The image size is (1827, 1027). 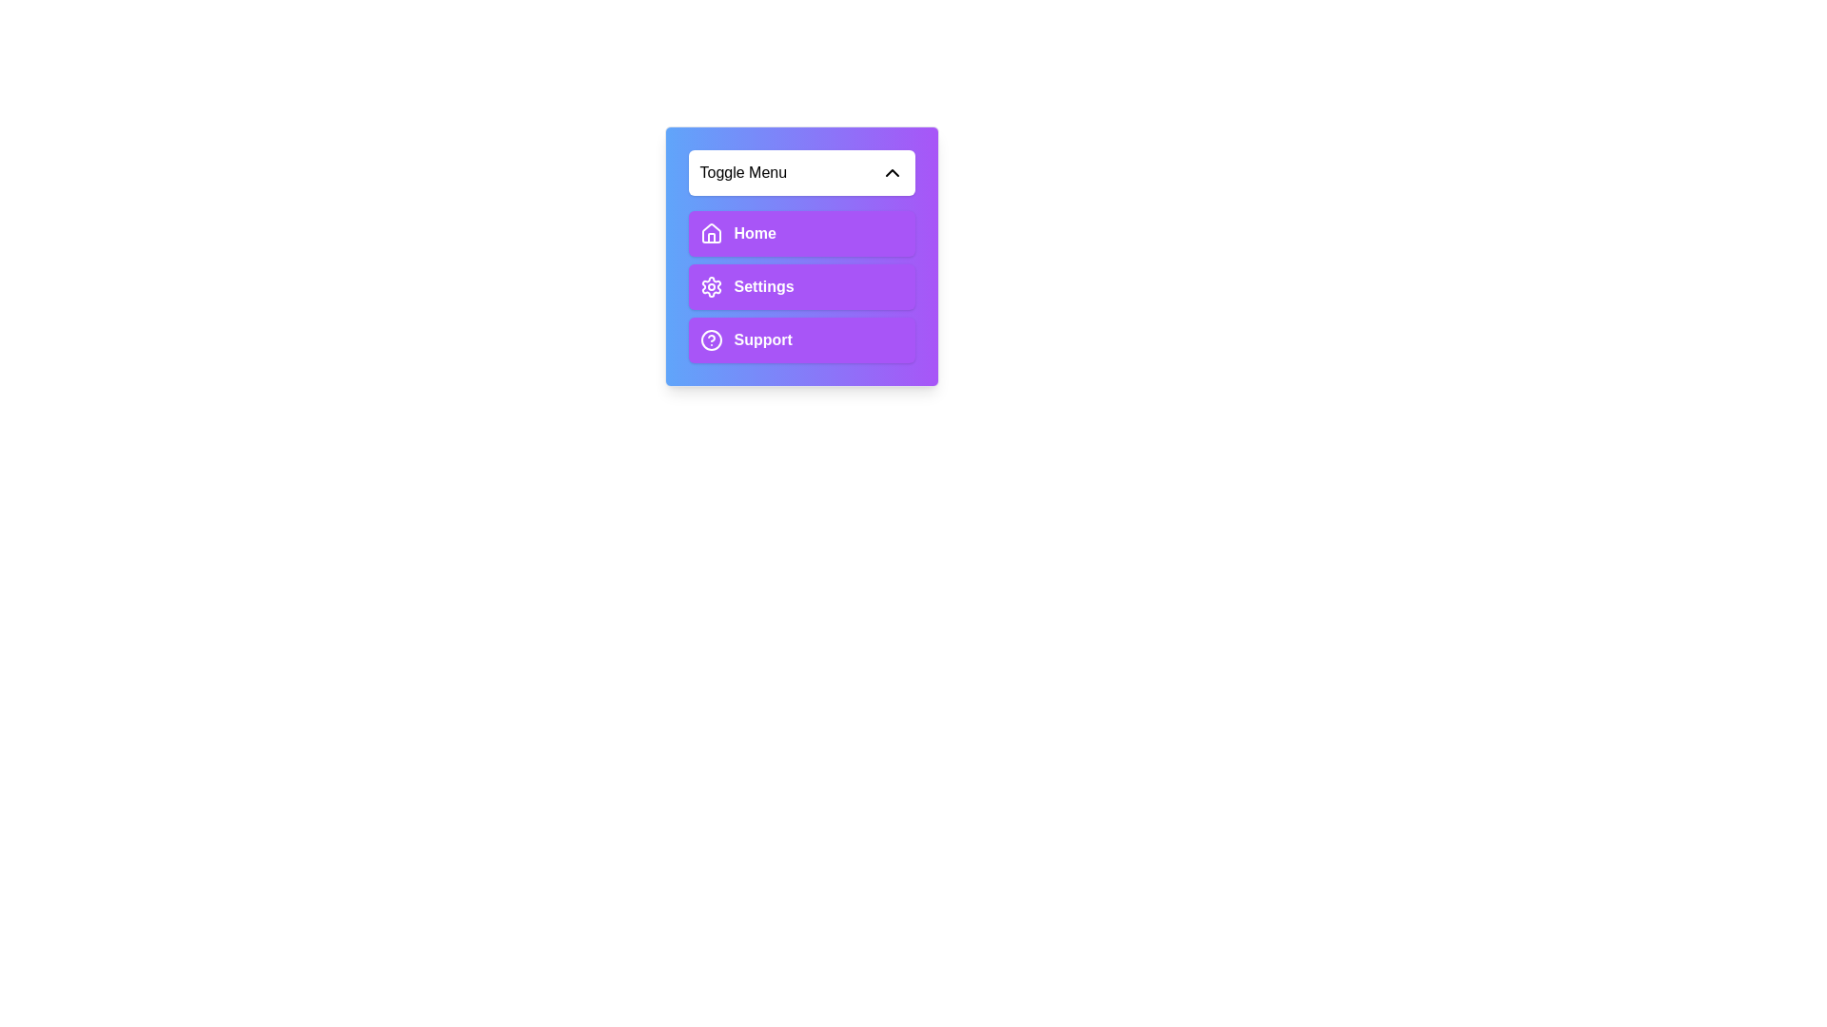 I want to click on the 'Settings' section in the Dropdown menu located in the lower portion of the purple gradient card titled 'Toggle Menu', so click(x=801, y=286).